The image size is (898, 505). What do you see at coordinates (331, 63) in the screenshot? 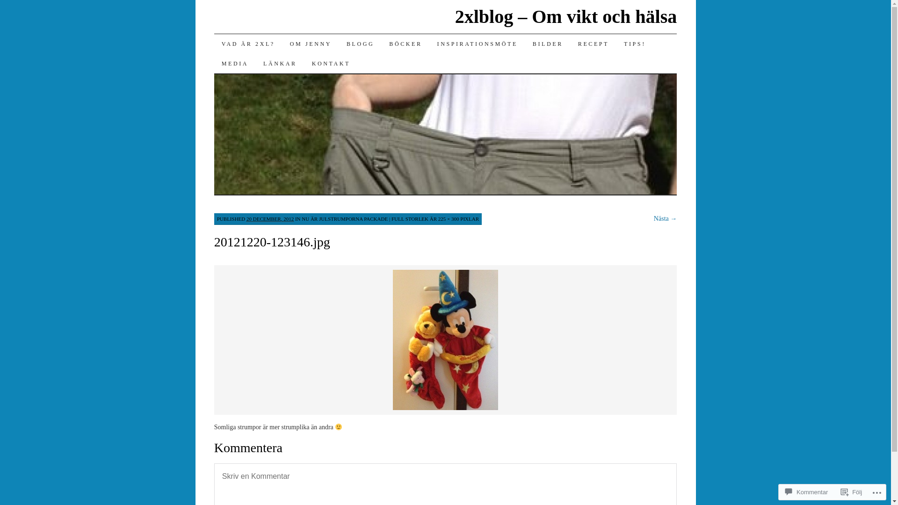
I see `'KONTAKT'` at bounding box center [331, 63].